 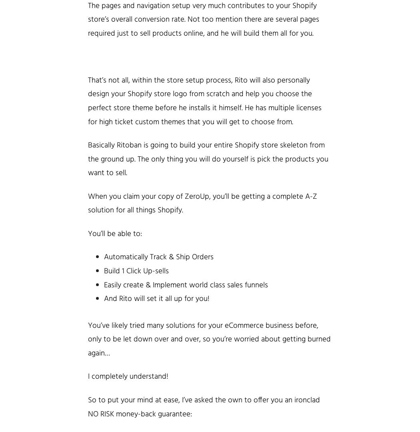 What do you see at coordinates (156, 299) in the screenshot?
I see `'And Rito will set it all up for you!'` at bounding box center [156, 299].